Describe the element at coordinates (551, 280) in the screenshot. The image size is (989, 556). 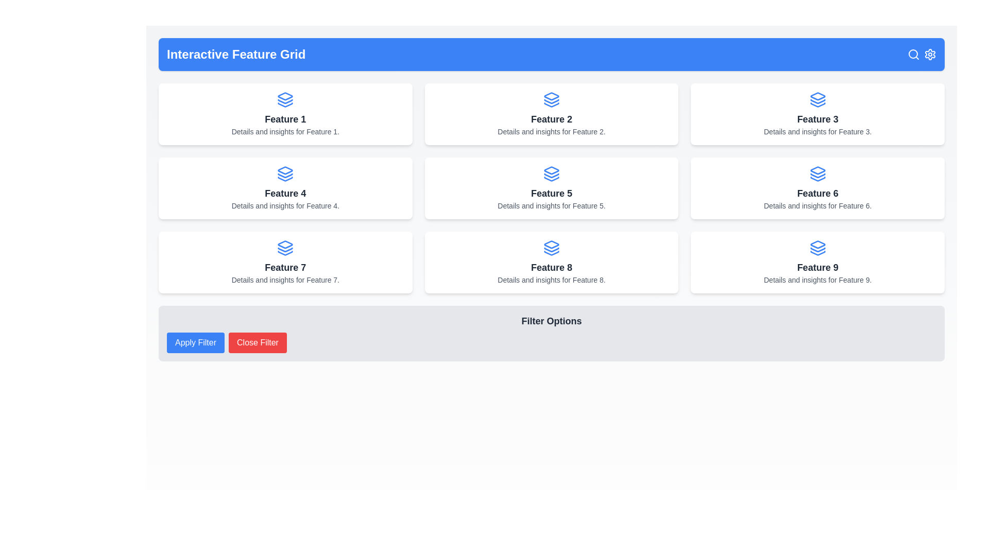
I see `the text label located at the bottom of the 'Feature 8' card, which provides additional descriptive information about 'Feature 8'` at that location.